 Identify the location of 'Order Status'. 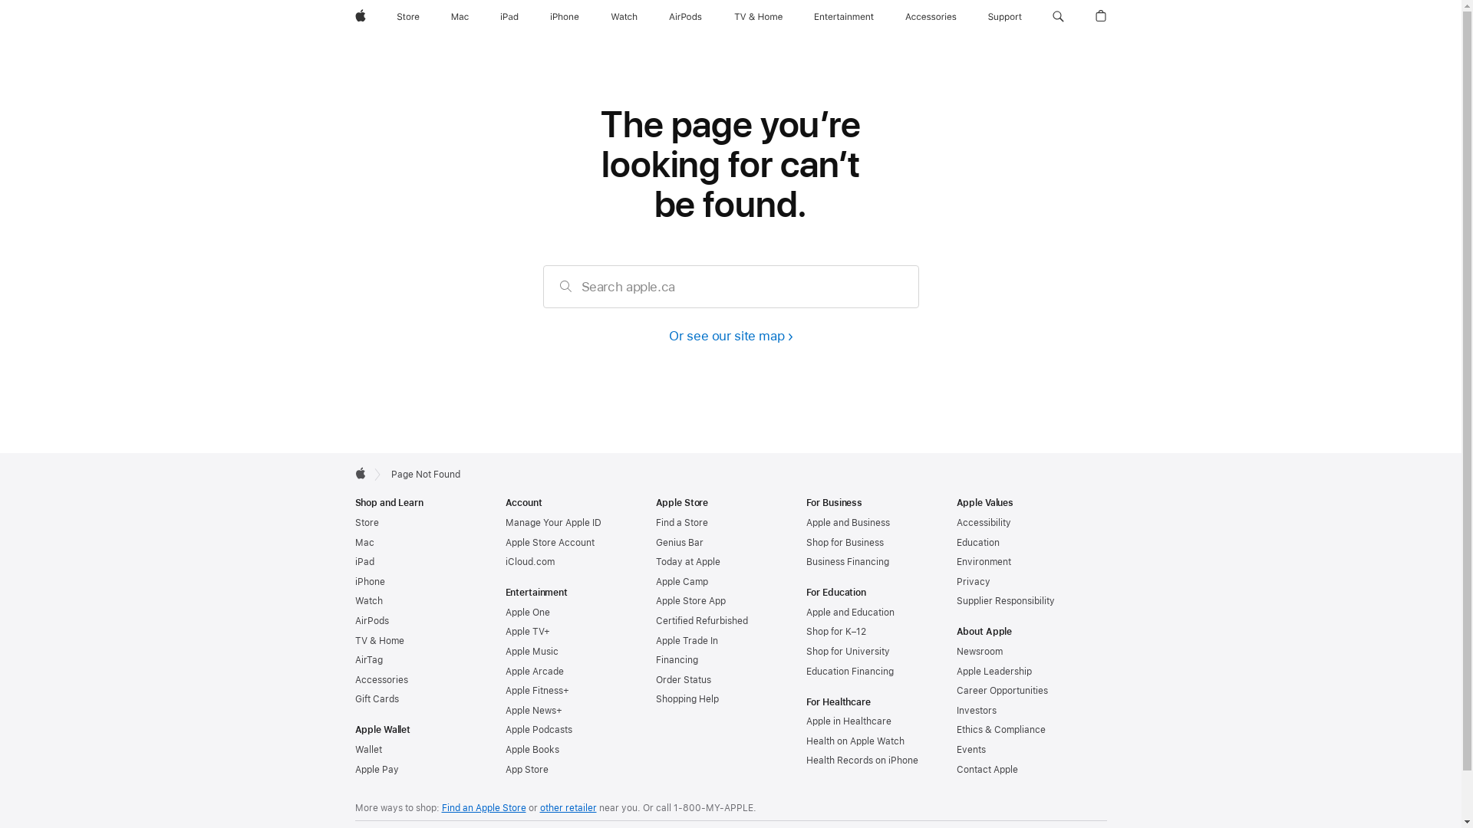
(681, 679).